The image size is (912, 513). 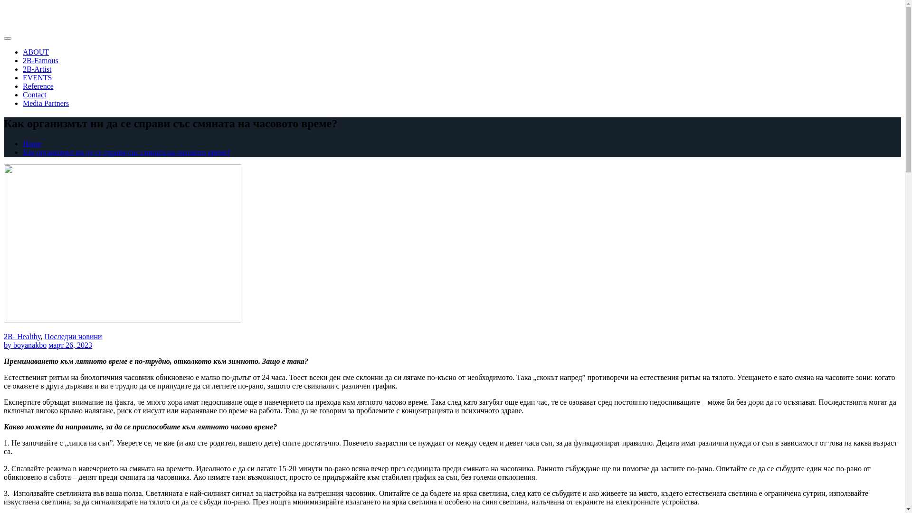 I want to click on '2B- Healthy', so click(x=22, y=336).